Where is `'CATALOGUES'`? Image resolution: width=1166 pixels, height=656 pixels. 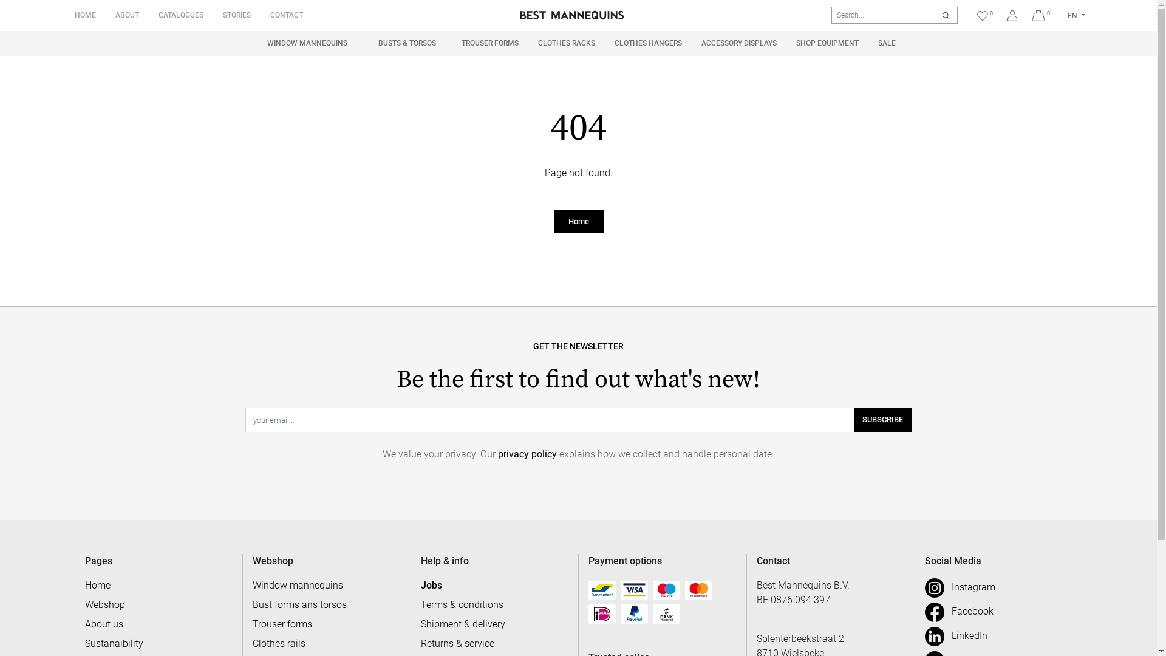 'CATALOGUES' is located at coordinates (180, 15).